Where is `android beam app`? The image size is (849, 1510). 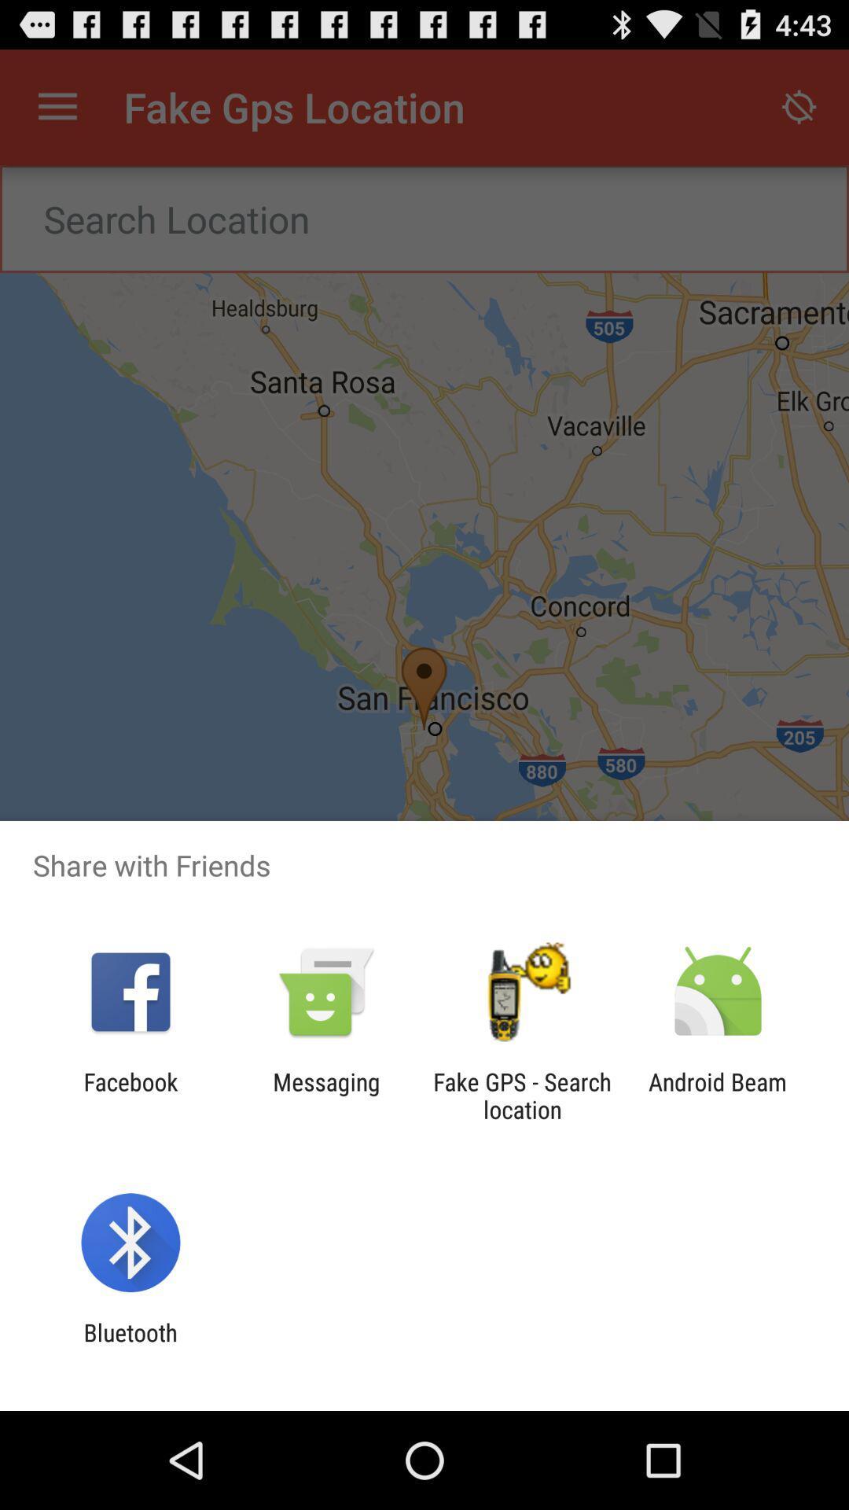 android beam app is located at coordinates (718, 1095).